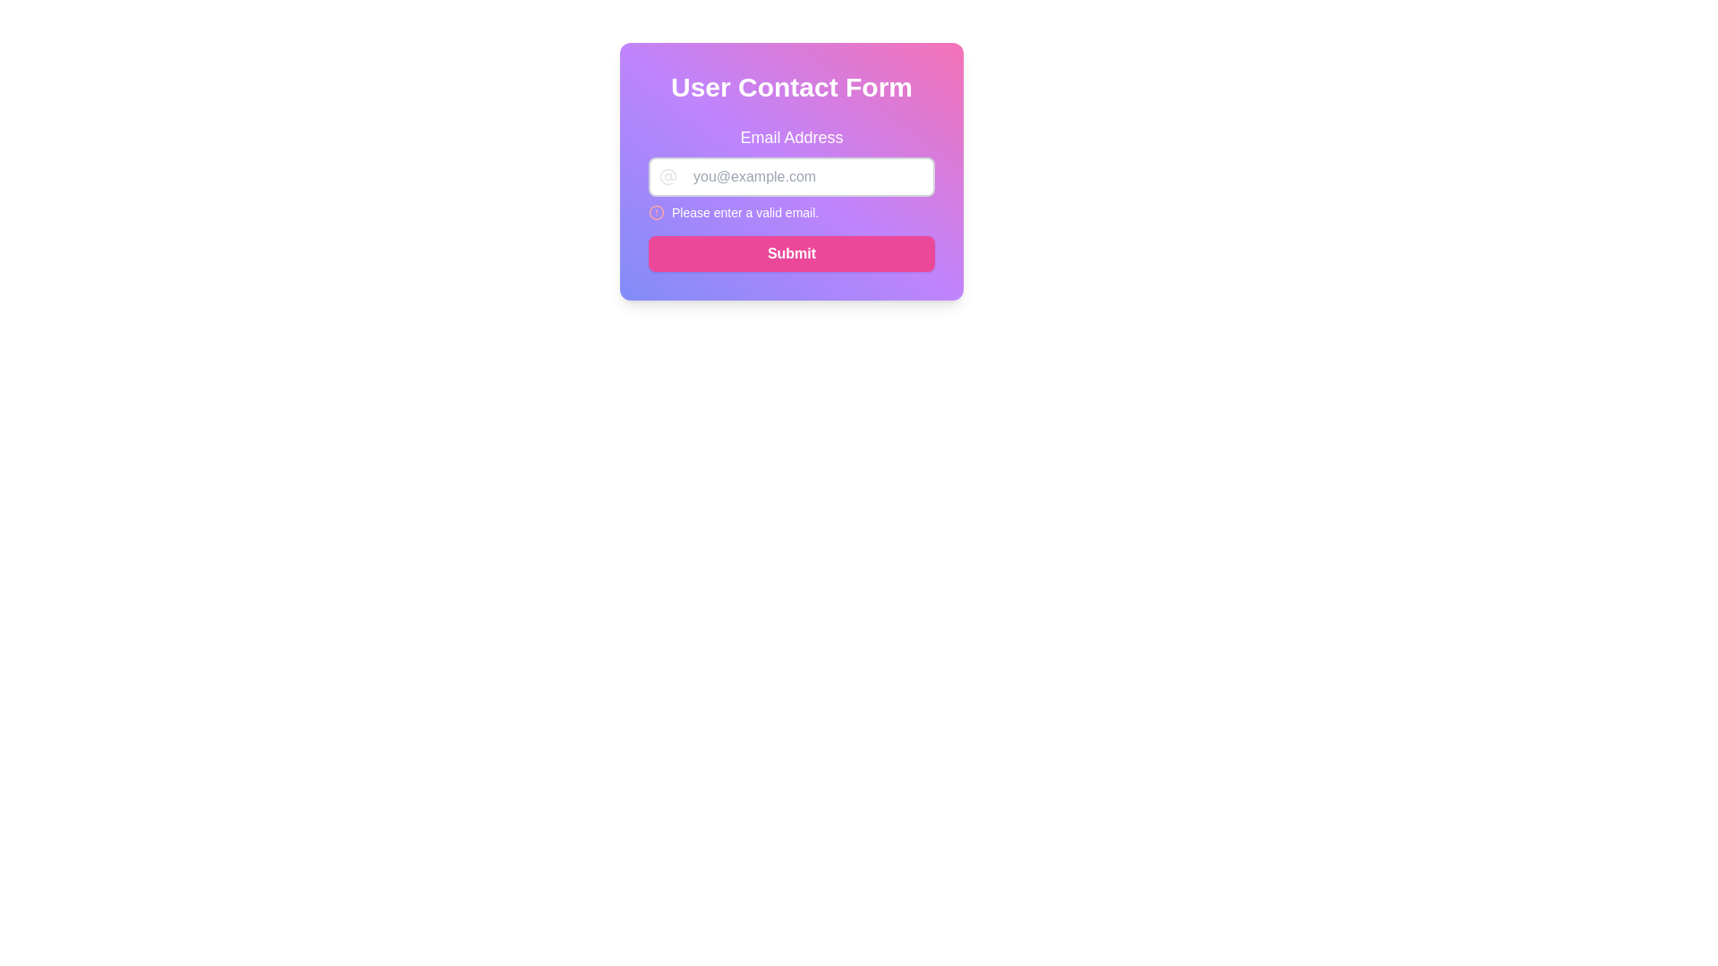  What do you see at coordinates (790, 137) in the screenshot?
I see `the Text Label that provides context for the email input field in the User Contact Form` at bounding box center [790, 137].